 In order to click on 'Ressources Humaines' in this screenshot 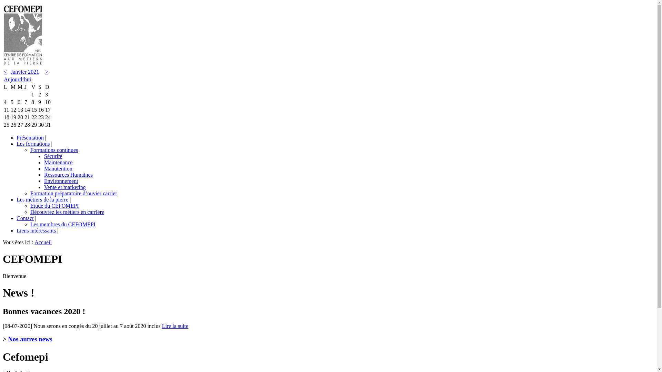, I will do `click(68, 174)`.